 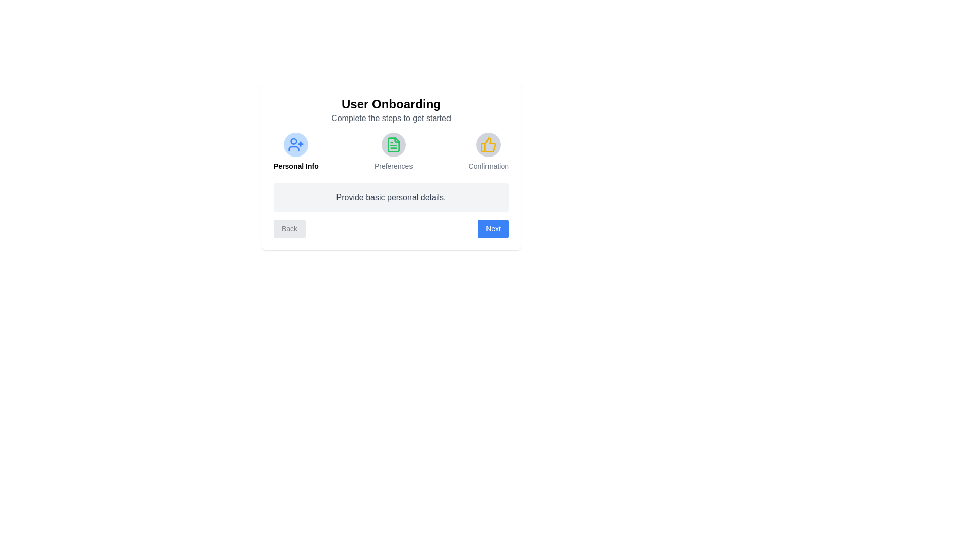 What do you see at coordinates (295, 144) in the screenshot?
I see `the step icon corresponding to the step Personal Info to view its details` at bounding box center [295, 144].